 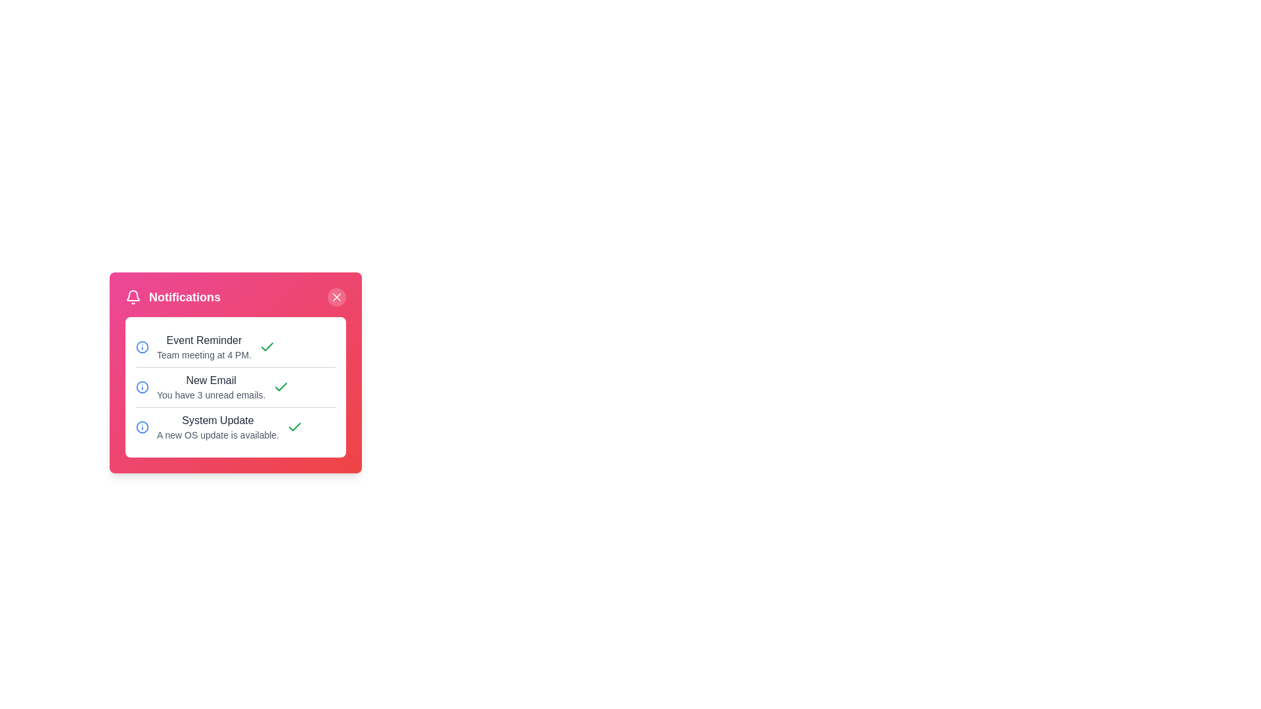 What do you see at coordinates (211, 387) in the screenshot?
I see `the 'New Email' text block in the notifications popover, which indicates unread emails` at bounding box center [211, 387].